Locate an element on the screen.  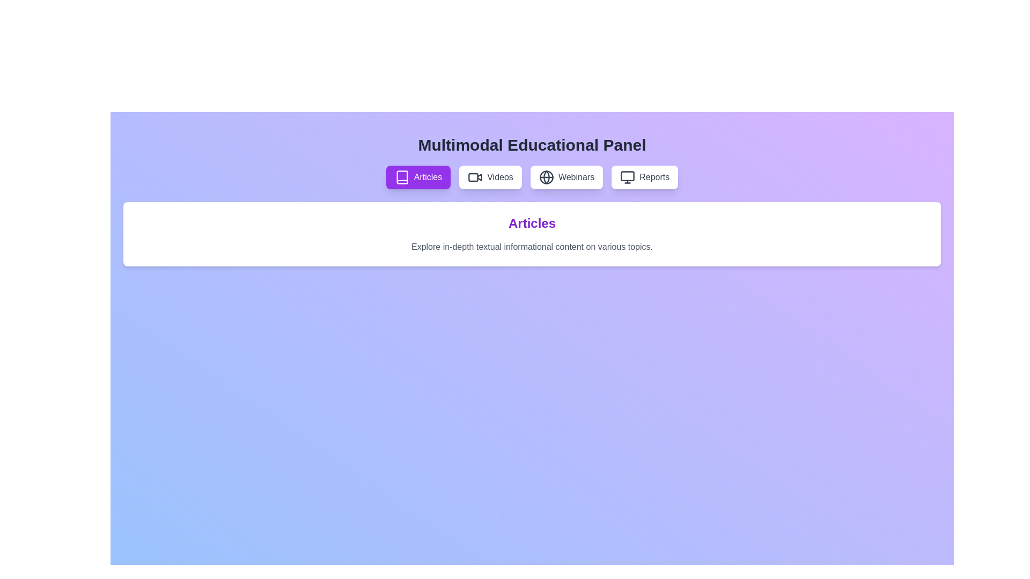
'Webinars' button in the horizontal toolbar located under the 'Multimodal Educational Panel' heading is located at coordinates (576, 177).